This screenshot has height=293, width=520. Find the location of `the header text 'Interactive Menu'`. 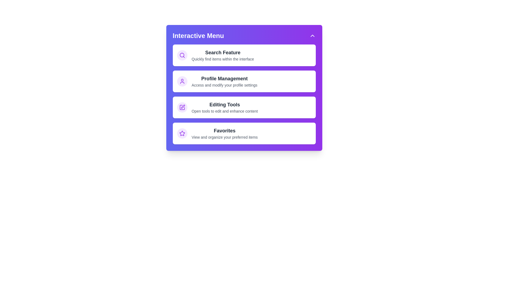

the header text 'Interactive Menu' is located at coordinates (198, 36).